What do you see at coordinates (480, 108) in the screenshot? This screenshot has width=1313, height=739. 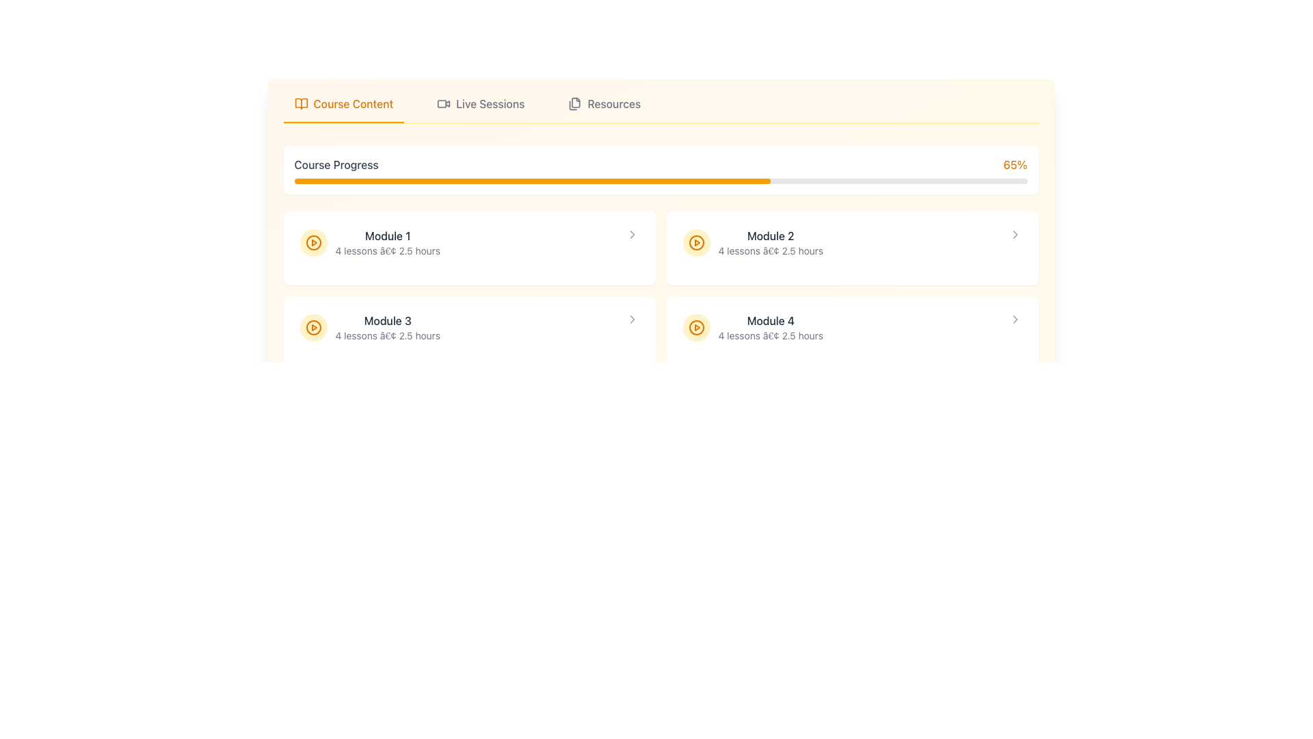 I see `the 'Live Sessions' button, which is the second item in the horizontal navigation bar located between 'Course Content' and 'Resources'` at bounding box center [480, 108].